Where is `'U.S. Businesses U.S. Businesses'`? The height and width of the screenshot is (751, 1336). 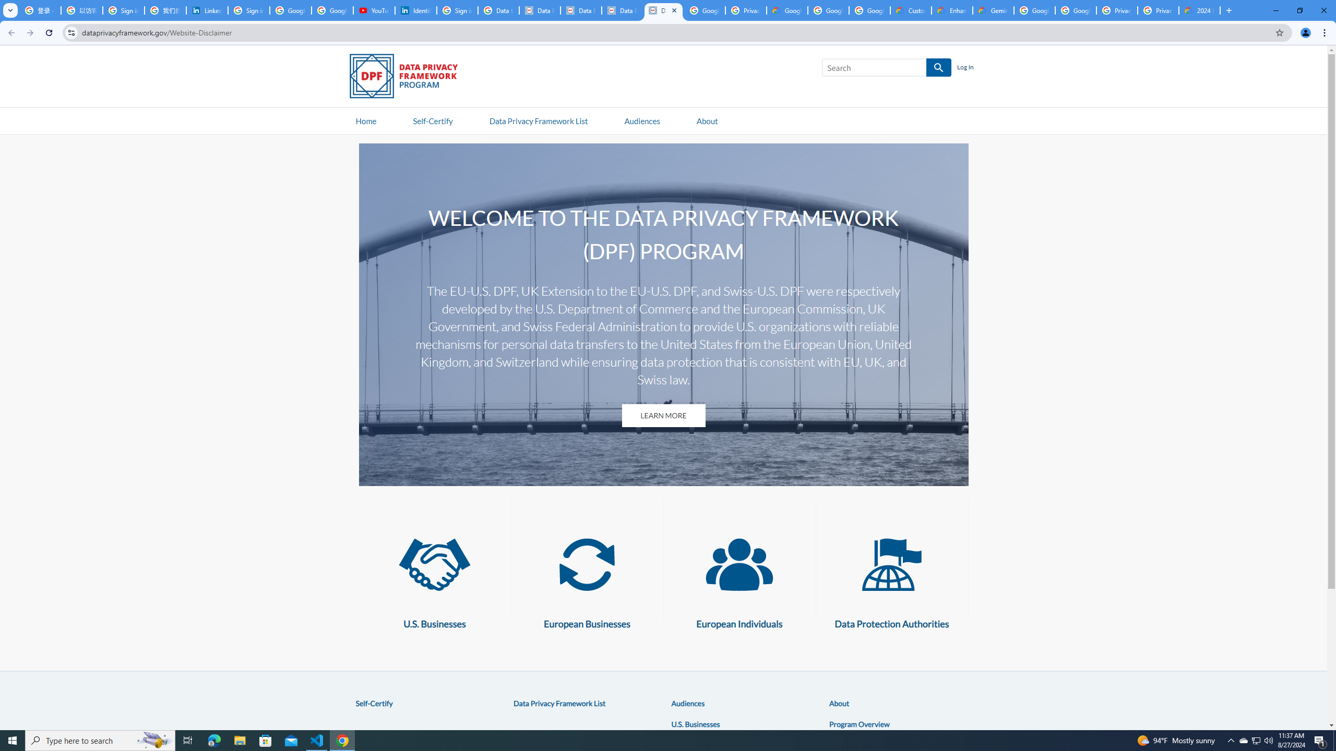
'U.S. Businesses U.S. Businesses' is located at coordinates (434, 577).